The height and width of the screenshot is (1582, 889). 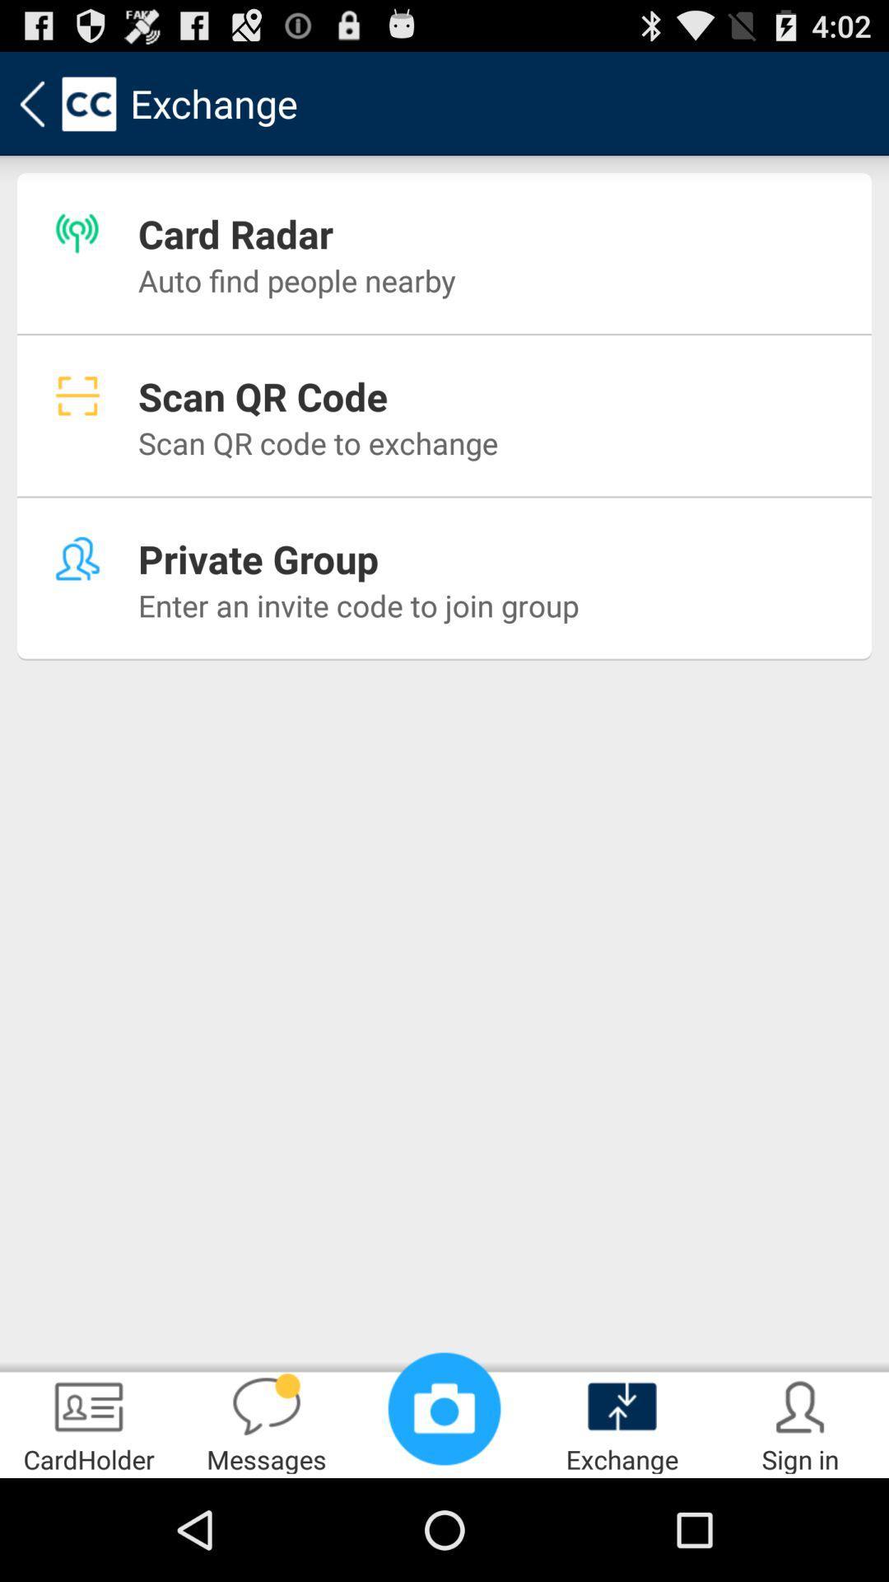 What do you see at coordinates (799, 1422) in the screenshot?
I see `the sign in item` at bounding box center [799, 1422].